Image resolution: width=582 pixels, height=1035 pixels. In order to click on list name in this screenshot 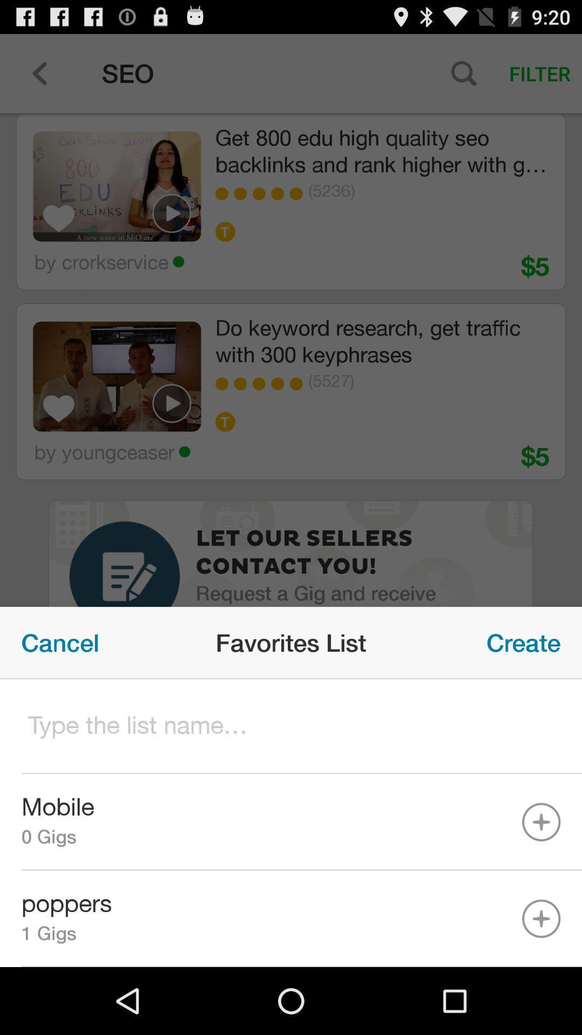, I will do `click(291, 726)`.